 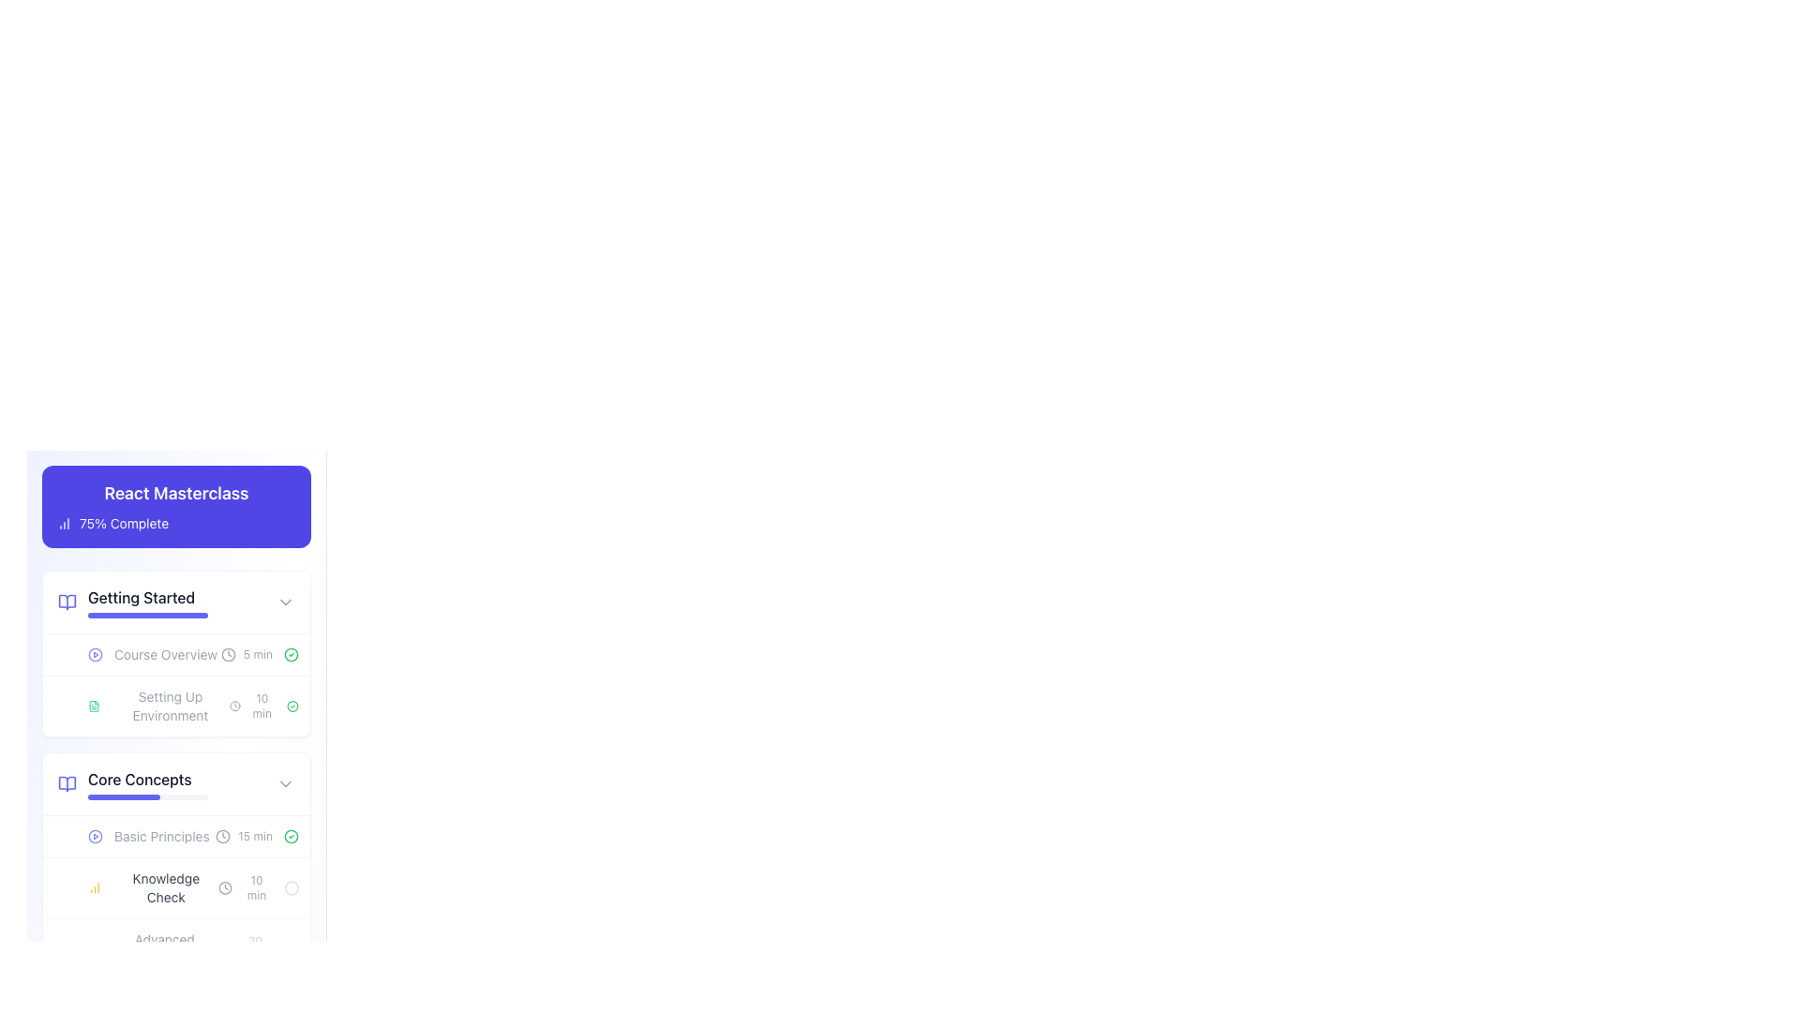 What do you see at coordinates (254, 836) in the screenshot?
I see `text label displaying '15 min' which indicates the time duration required for the activity, located beside a clock icon in the 'Core Concepts' section` at bounding box center [254, 836].